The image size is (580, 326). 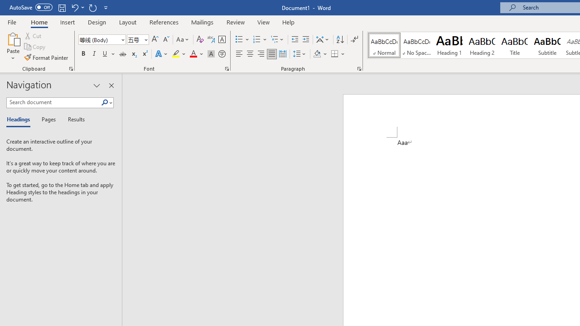 I want to click on 'View', so click(x=263, y=22).